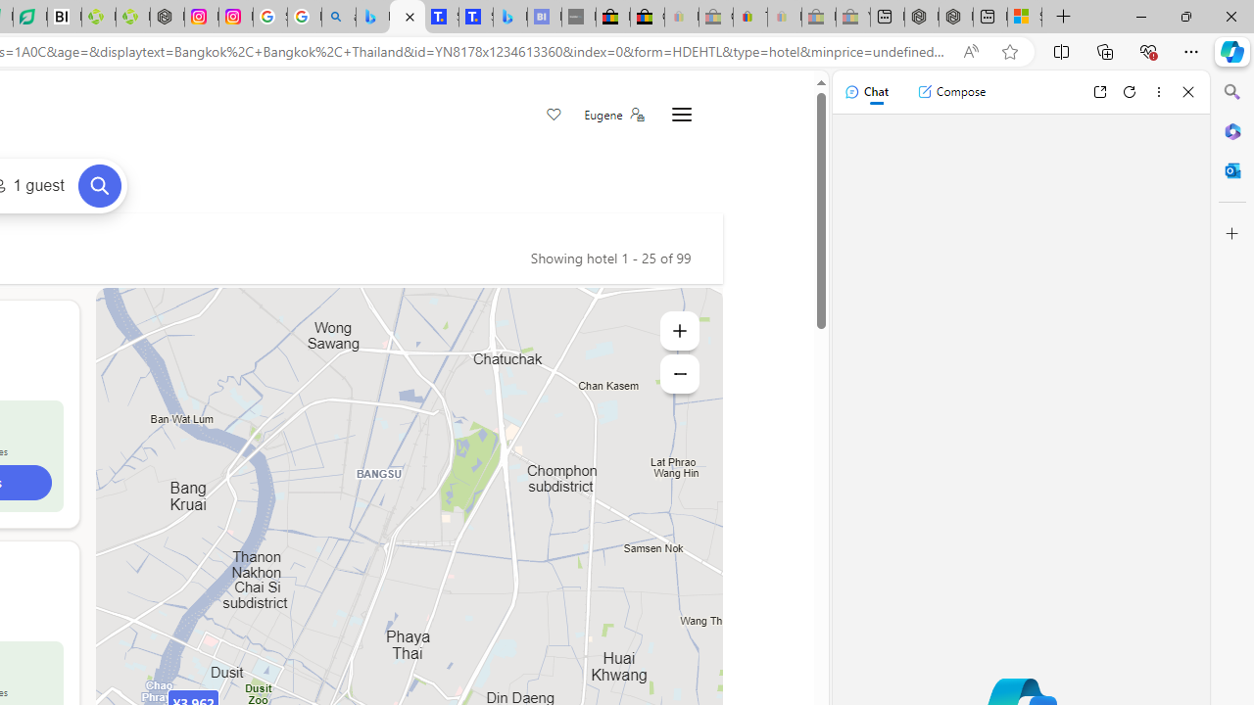 The image size is (1254, 705). Describe the element at coordinates (818, 17) in the screenshot. I see `'Press Room - eBay Inc. - Sleeping'` at that location.